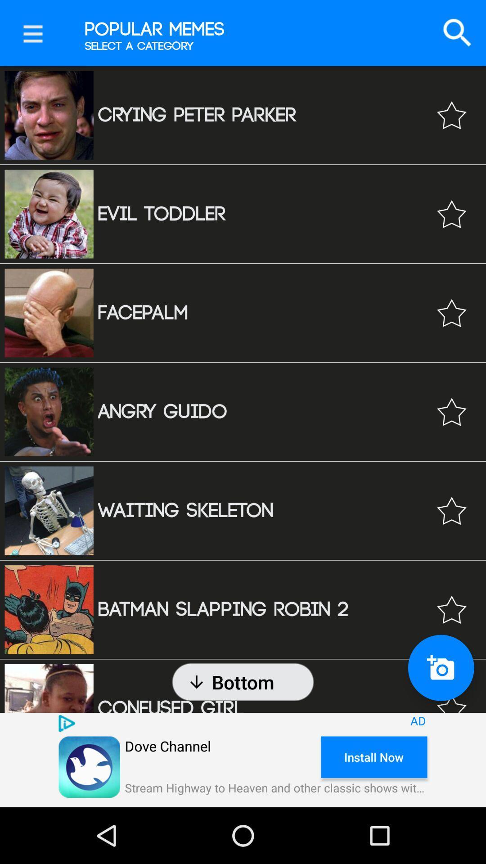 The image size is (486, 864). I want to click on a picture, so click(441, 668).